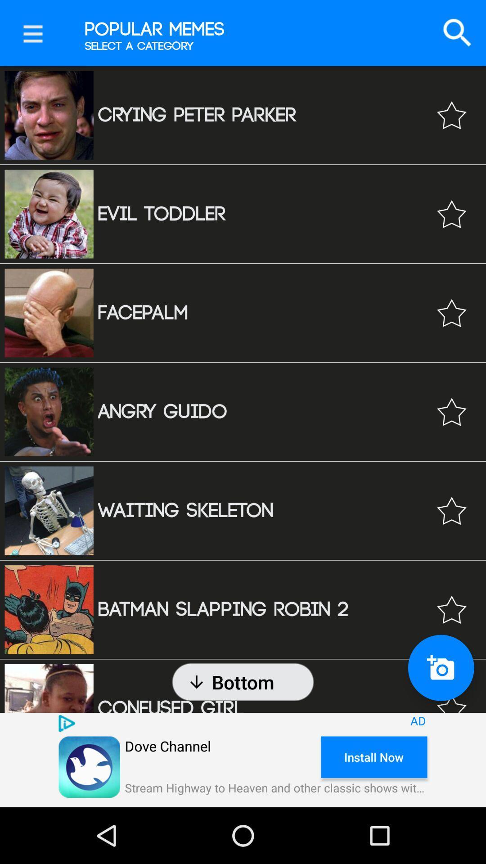 The image size is (486, 864). I want to click on a picture, so click(441, 668).